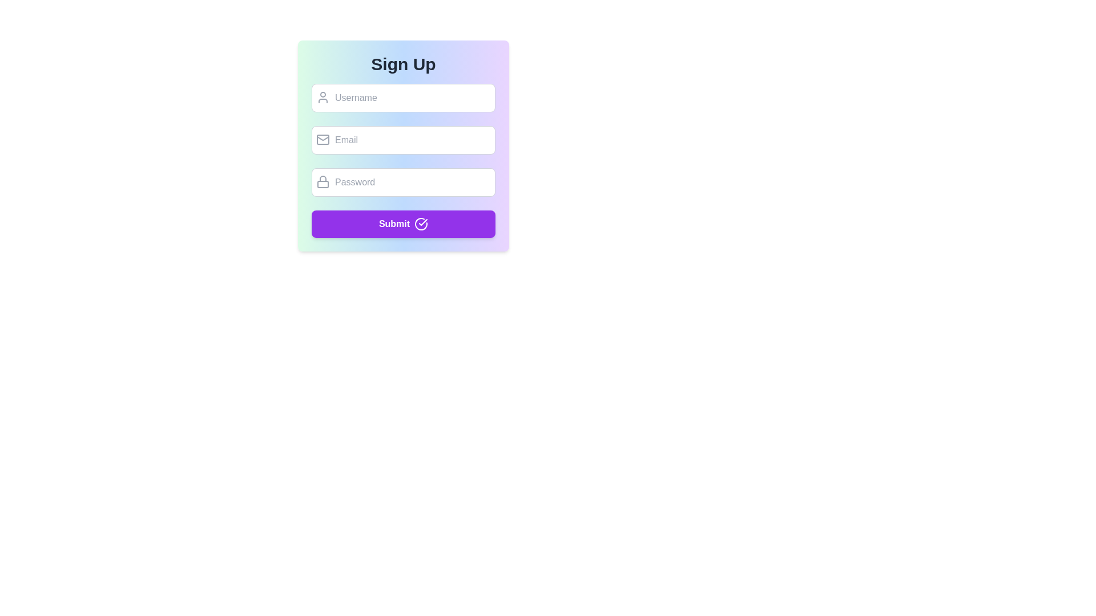 Image resolution: width=1096 pixels, height=616 pixels. What do you see at coordinates (421, 224) in the screenshot?
I see `the confirmation icon located inside the 'Submit' button, positioned to the right of the 'Submit' text label` at bounding box center [421, 224].